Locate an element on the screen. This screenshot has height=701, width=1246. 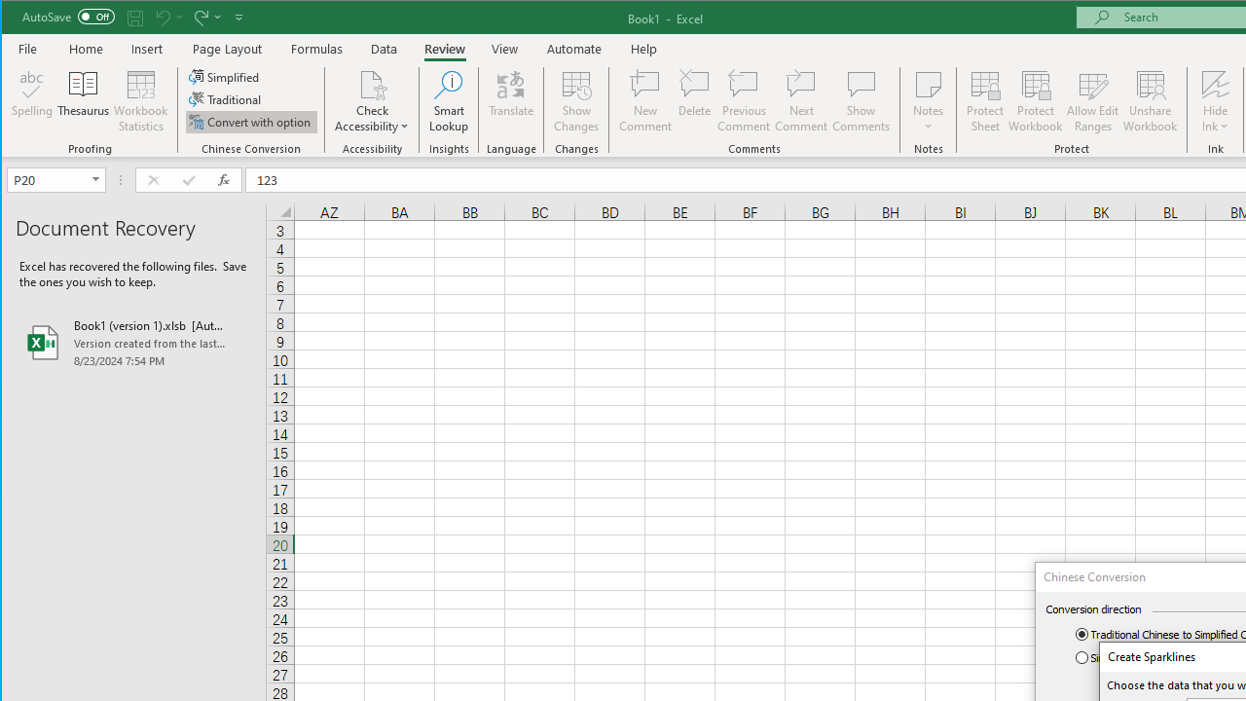
'Notes' is located at coordinates (928, 101).